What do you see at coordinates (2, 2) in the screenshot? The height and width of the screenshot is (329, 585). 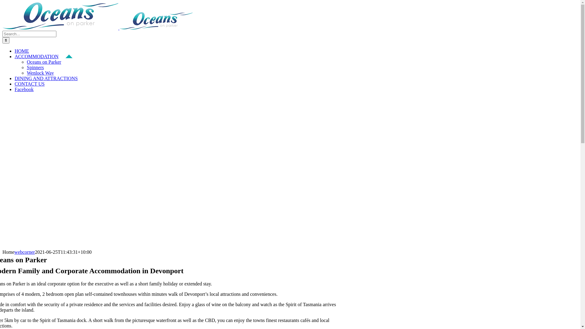 I see `'Skip to content'` at bounding box center [2, 2].